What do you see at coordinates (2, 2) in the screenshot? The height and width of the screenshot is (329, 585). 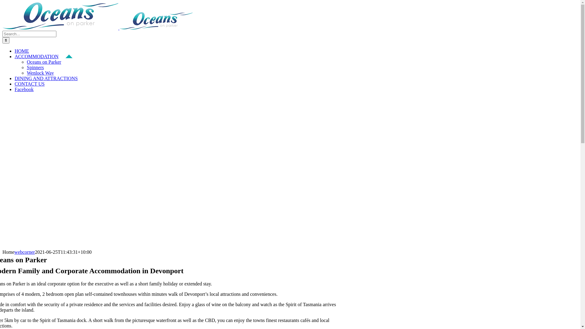 I see `'Skip to content'` at bounding box center [2, 2].